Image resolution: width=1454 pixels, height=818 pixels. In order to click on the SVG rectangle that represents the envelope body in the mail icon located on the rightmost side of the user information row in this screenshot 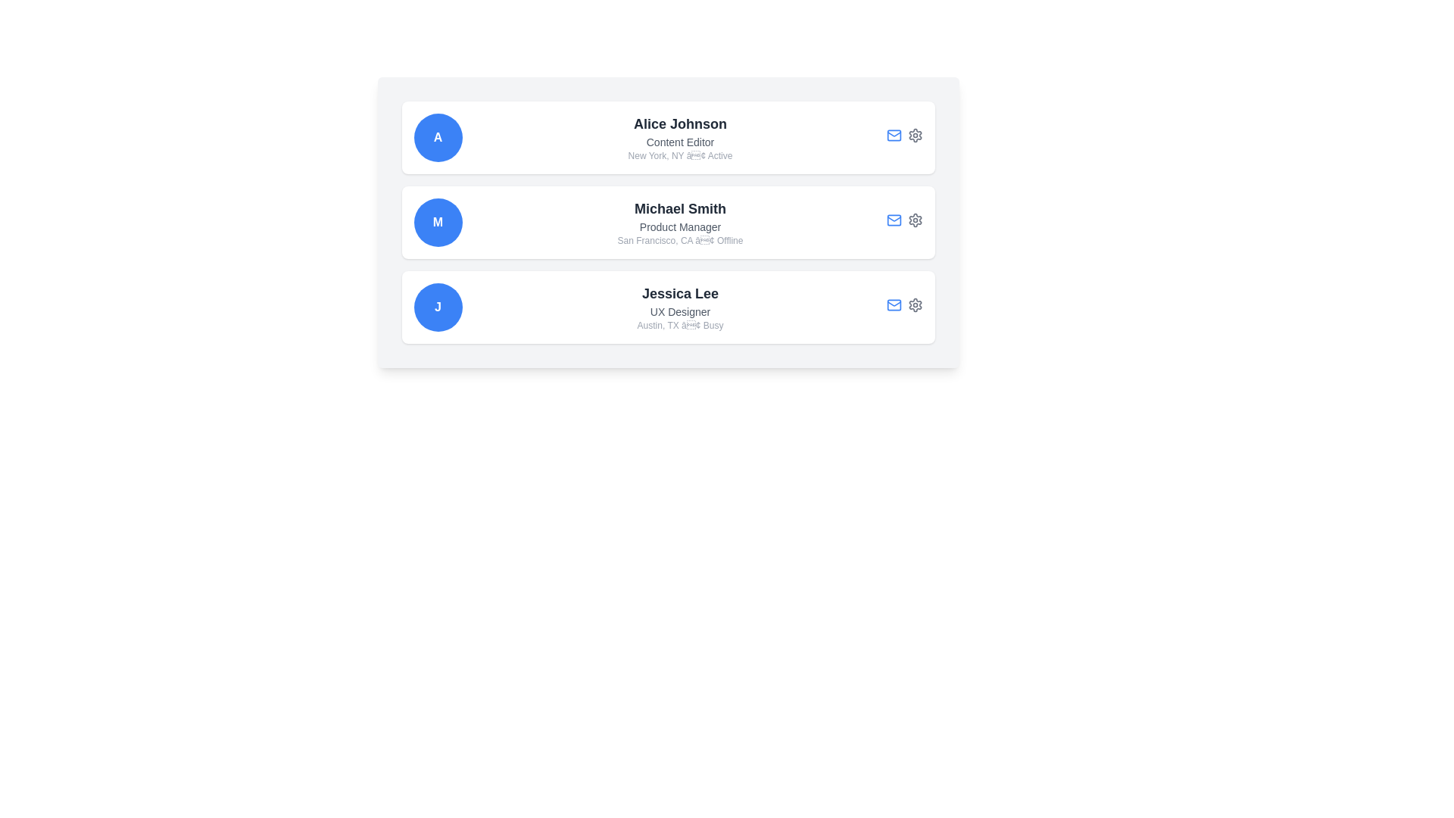, I will do `click(894, 304)`.